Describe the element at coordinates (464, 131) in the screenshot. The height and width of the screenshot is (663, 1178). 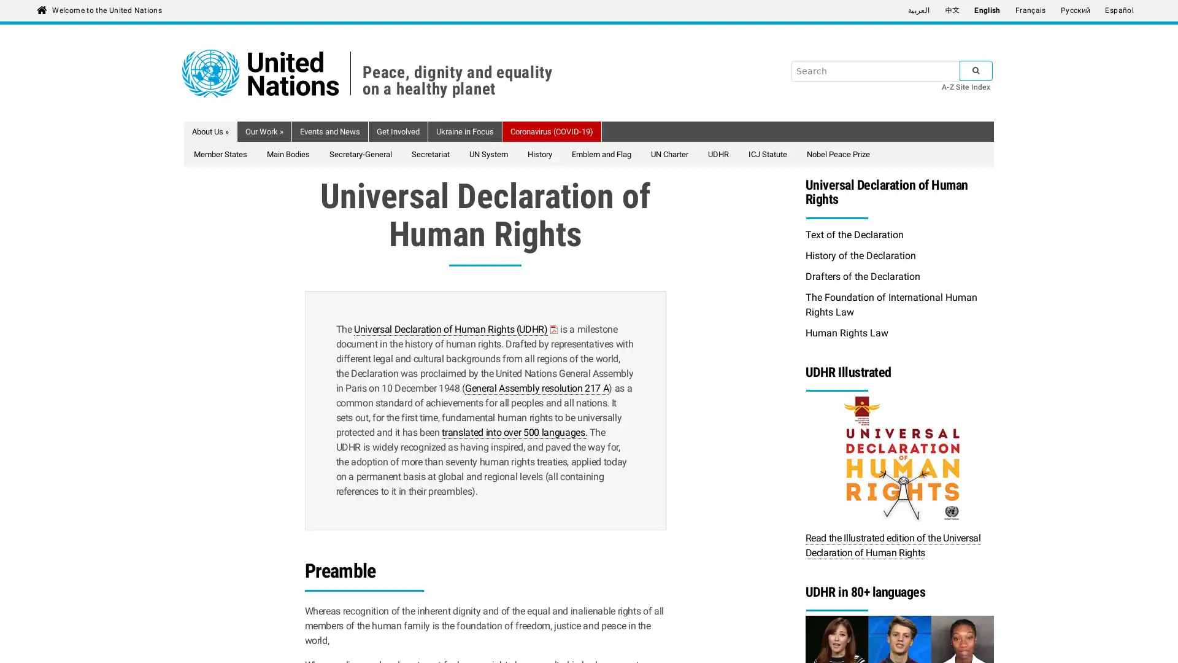
I see `Ukraine in Focus` at that location.